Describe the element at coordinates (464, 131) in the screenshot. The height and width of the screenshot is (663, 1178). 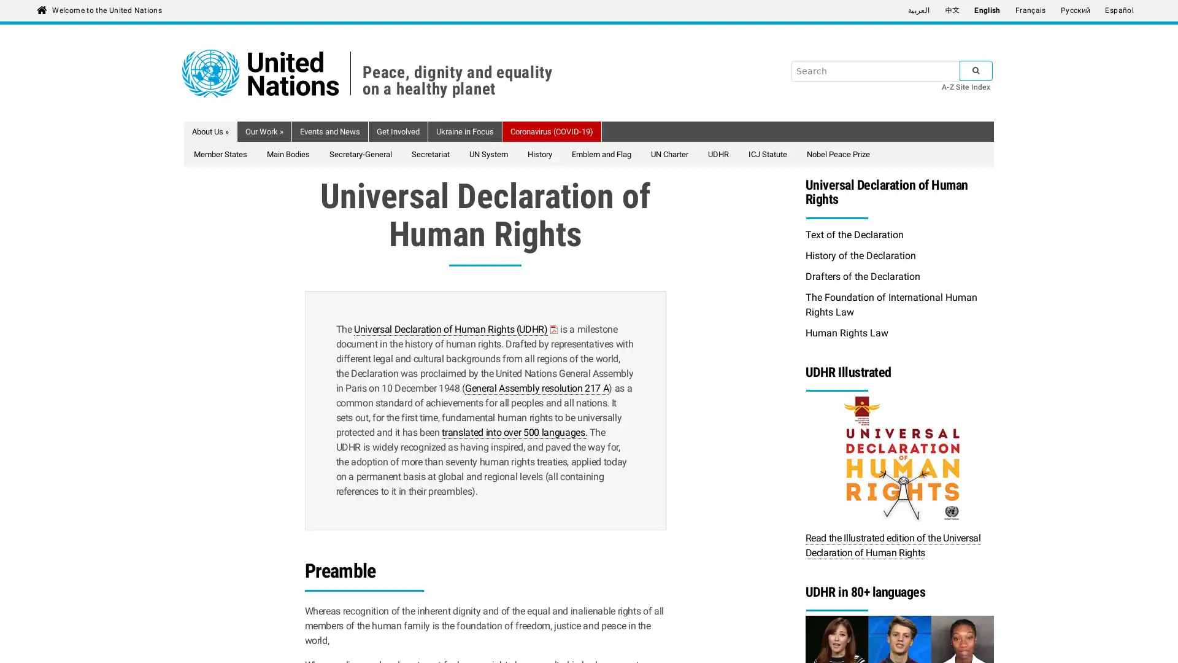
I see `Ukraine in Focus` at that location.